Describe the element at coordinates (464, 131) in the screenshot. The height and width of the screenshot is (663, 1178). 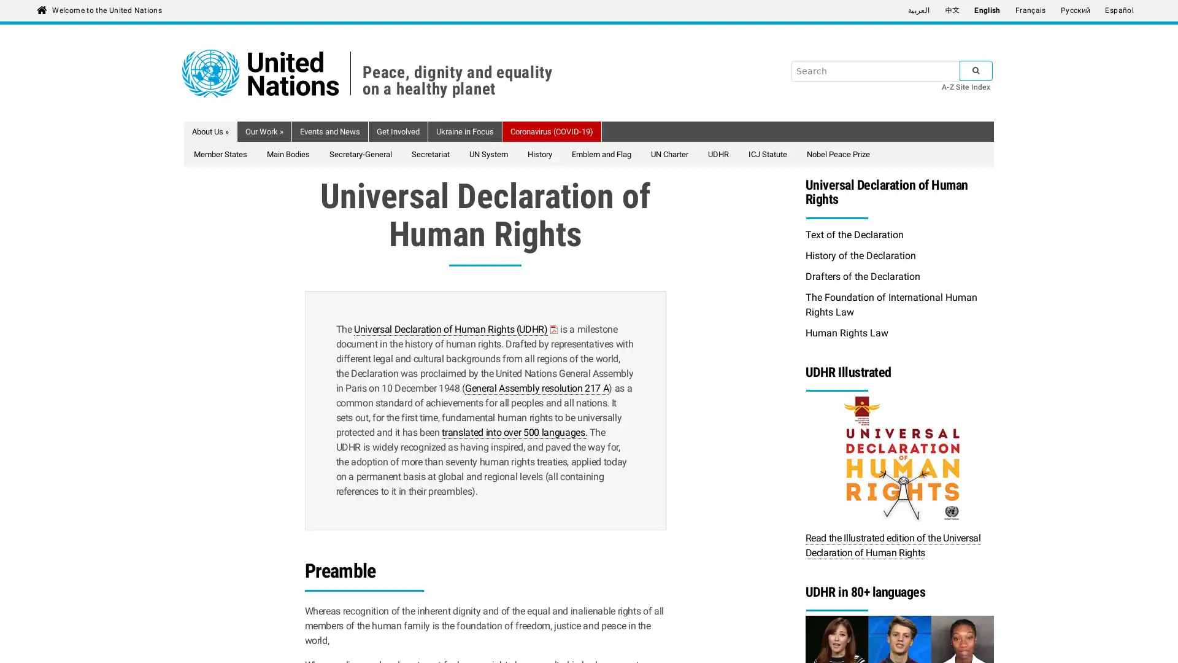
I see `Ukraine in Focus` at that location.